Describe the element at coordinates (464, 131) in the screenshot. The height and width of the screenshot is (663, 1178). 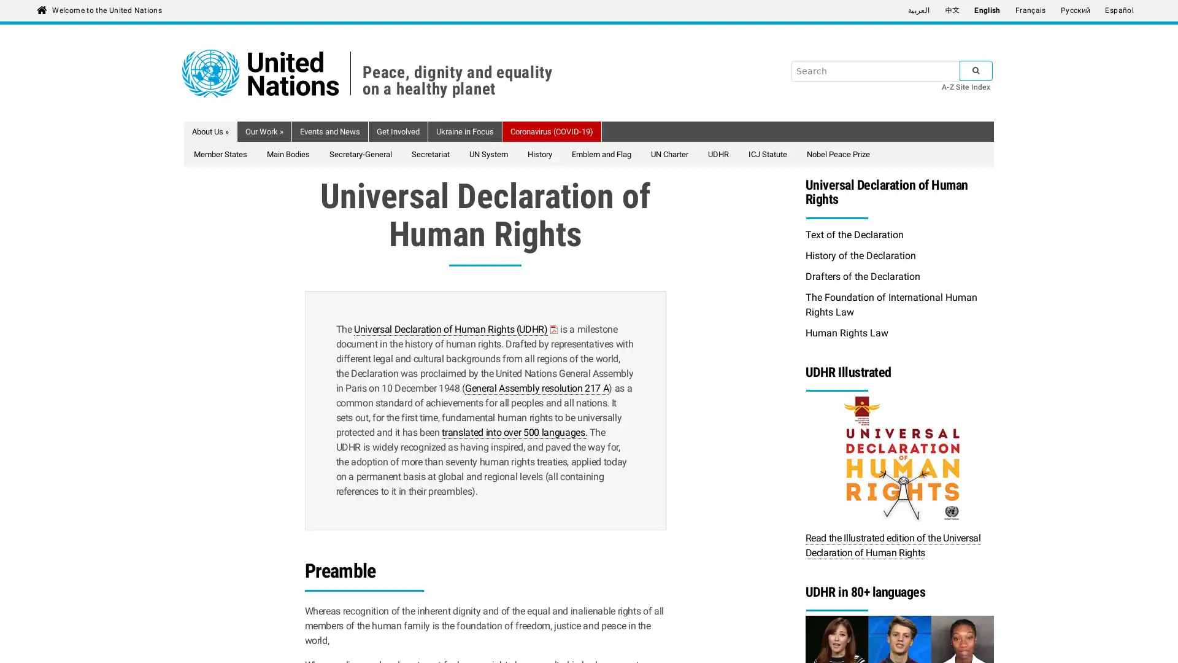
I see `Ukraine in Focus` at that location.